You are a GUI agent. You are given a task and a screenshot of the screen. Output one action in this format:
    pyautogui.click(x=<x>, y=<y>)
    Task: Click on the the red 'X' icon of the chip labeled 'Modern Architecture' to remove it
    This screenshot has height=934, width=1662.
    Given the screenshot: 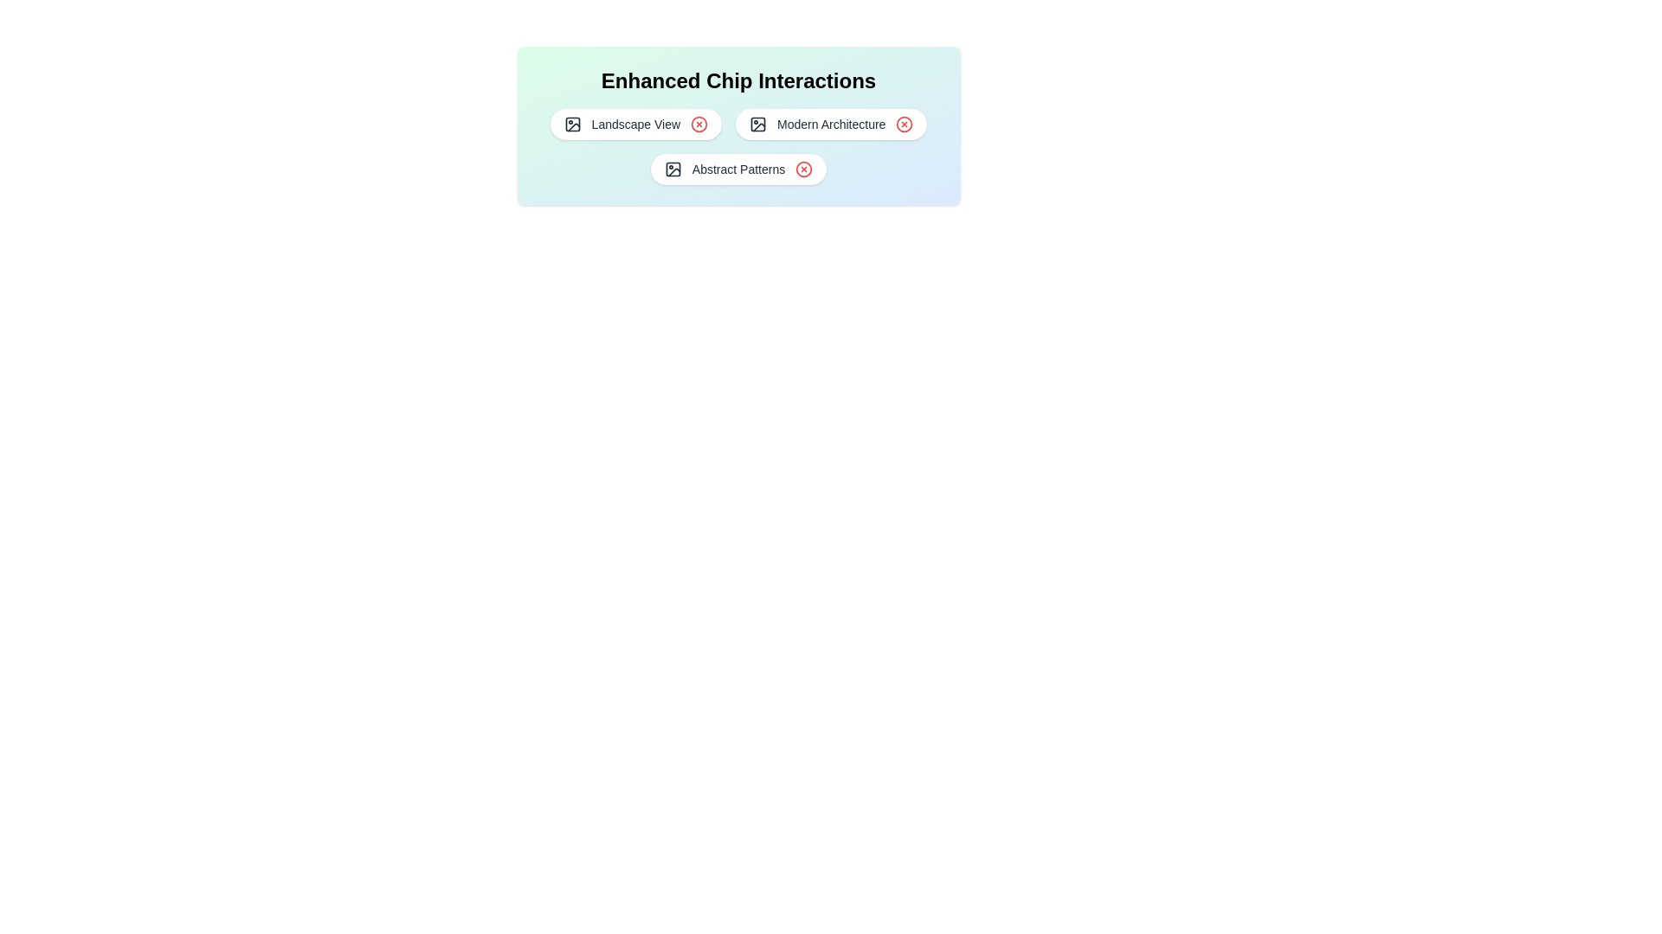 What is the action you would take?
    pyautogui.click(x=904, y=123)
    